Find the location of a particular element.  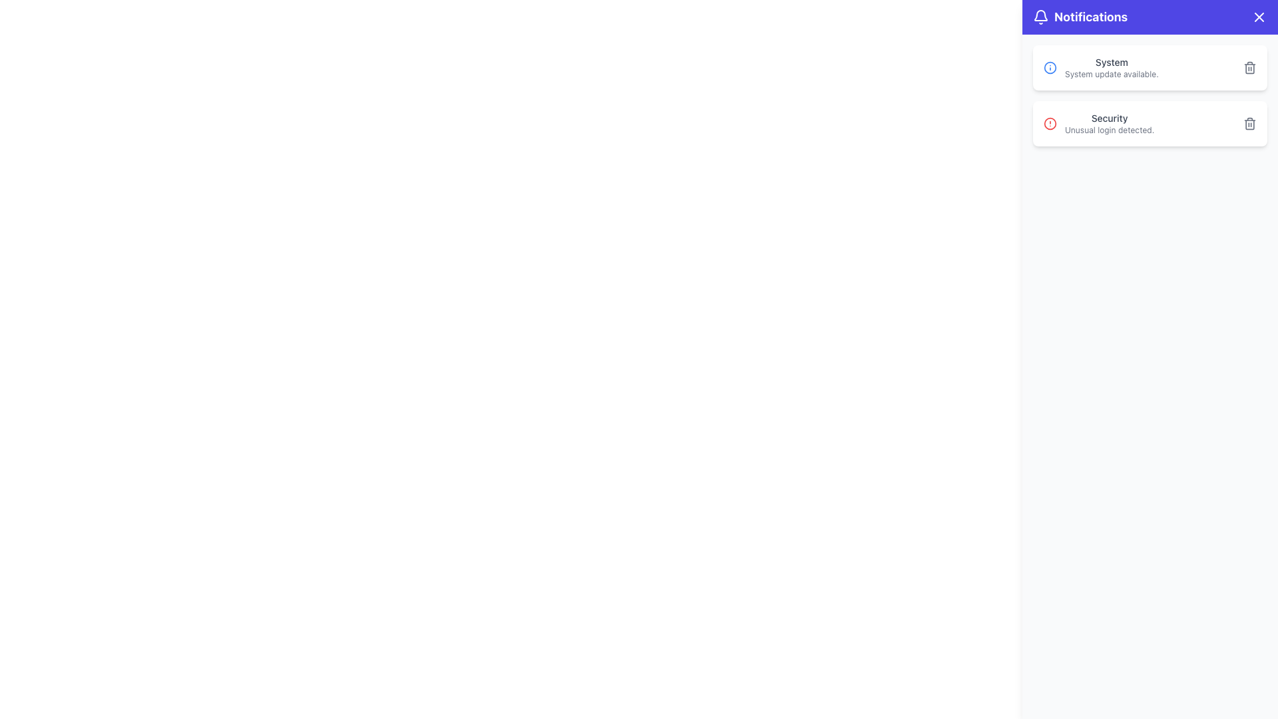

the notification card that displays information about a system update, which is the first notification in a vertical list of notifications is located at coordinates (1150, 67).